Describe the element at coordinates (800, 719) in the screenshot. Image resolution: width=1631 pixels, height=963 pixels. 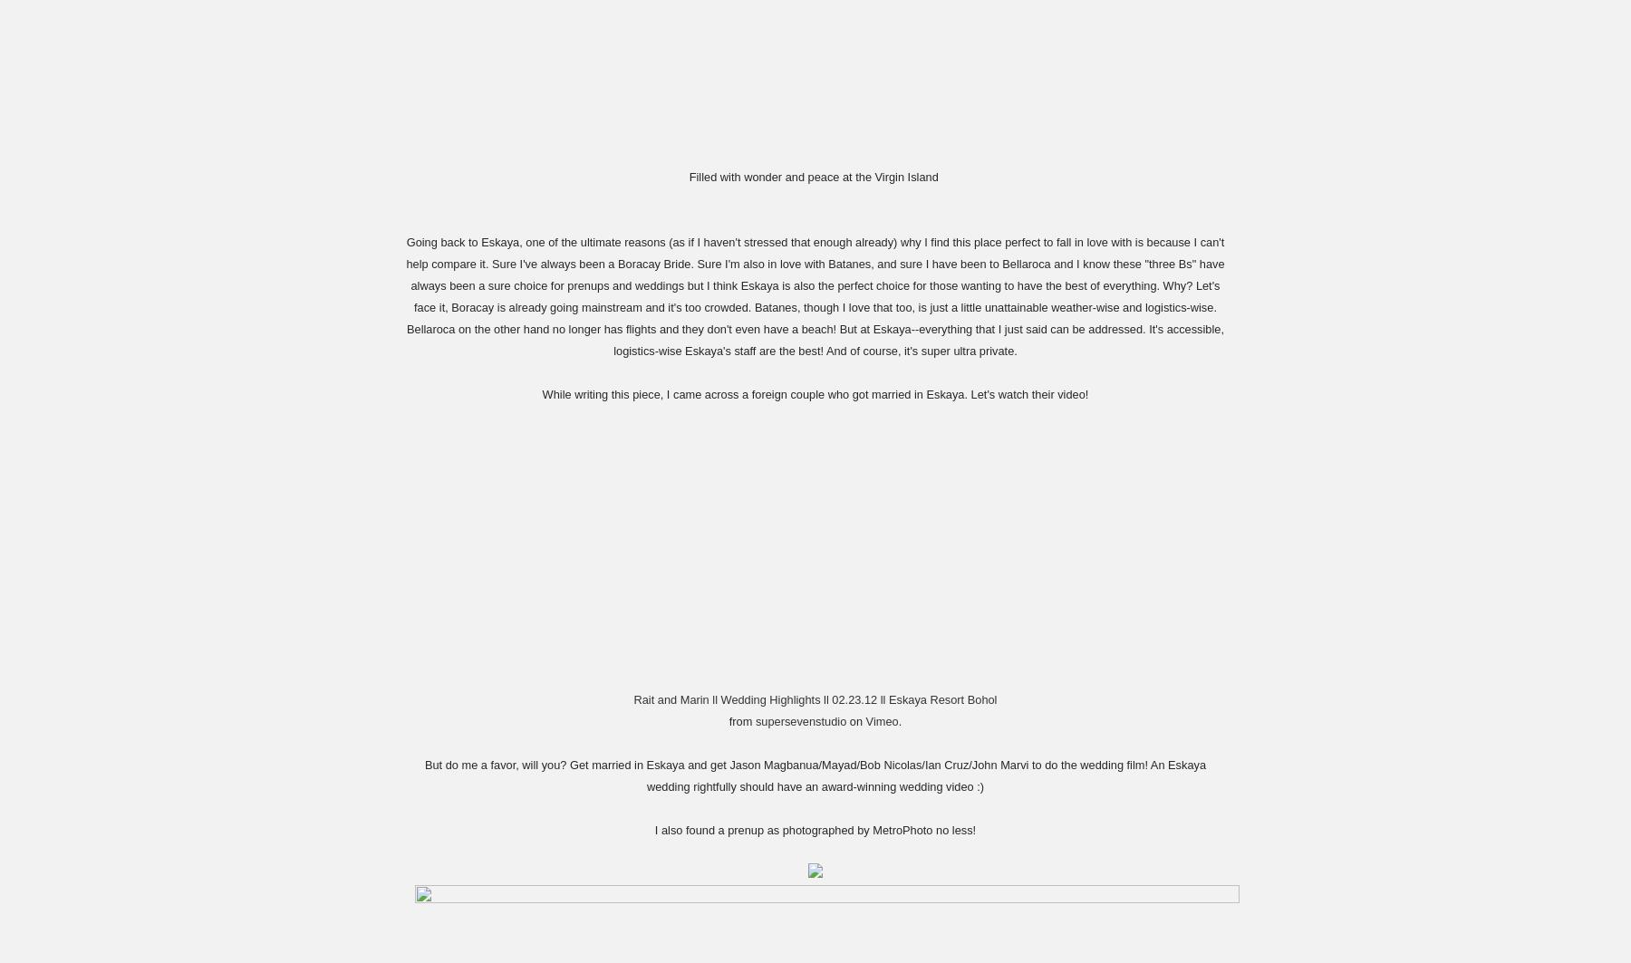
I see `'supersevenstudio'` at that location.